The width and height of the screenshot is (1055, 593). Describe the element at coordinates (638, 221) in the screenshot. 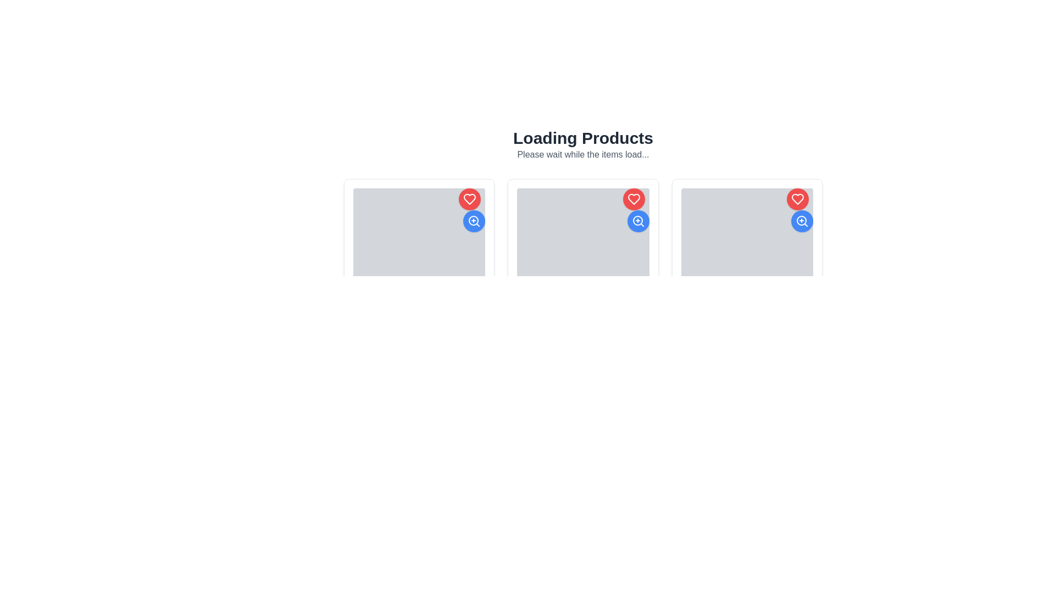

I see `the zoom-in button located in the bottom right corner of the second card from the left in a series of horizontally arranged cards` at that location.